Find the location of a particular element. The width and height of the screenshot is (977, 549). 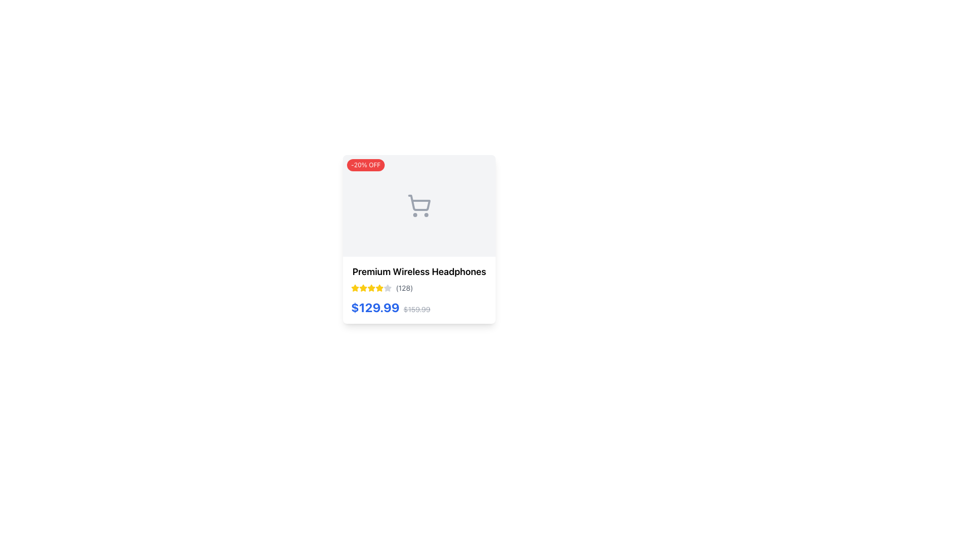

the sixth star icon in the star-based rating system to interact with it is located at coordinates (379, 288).